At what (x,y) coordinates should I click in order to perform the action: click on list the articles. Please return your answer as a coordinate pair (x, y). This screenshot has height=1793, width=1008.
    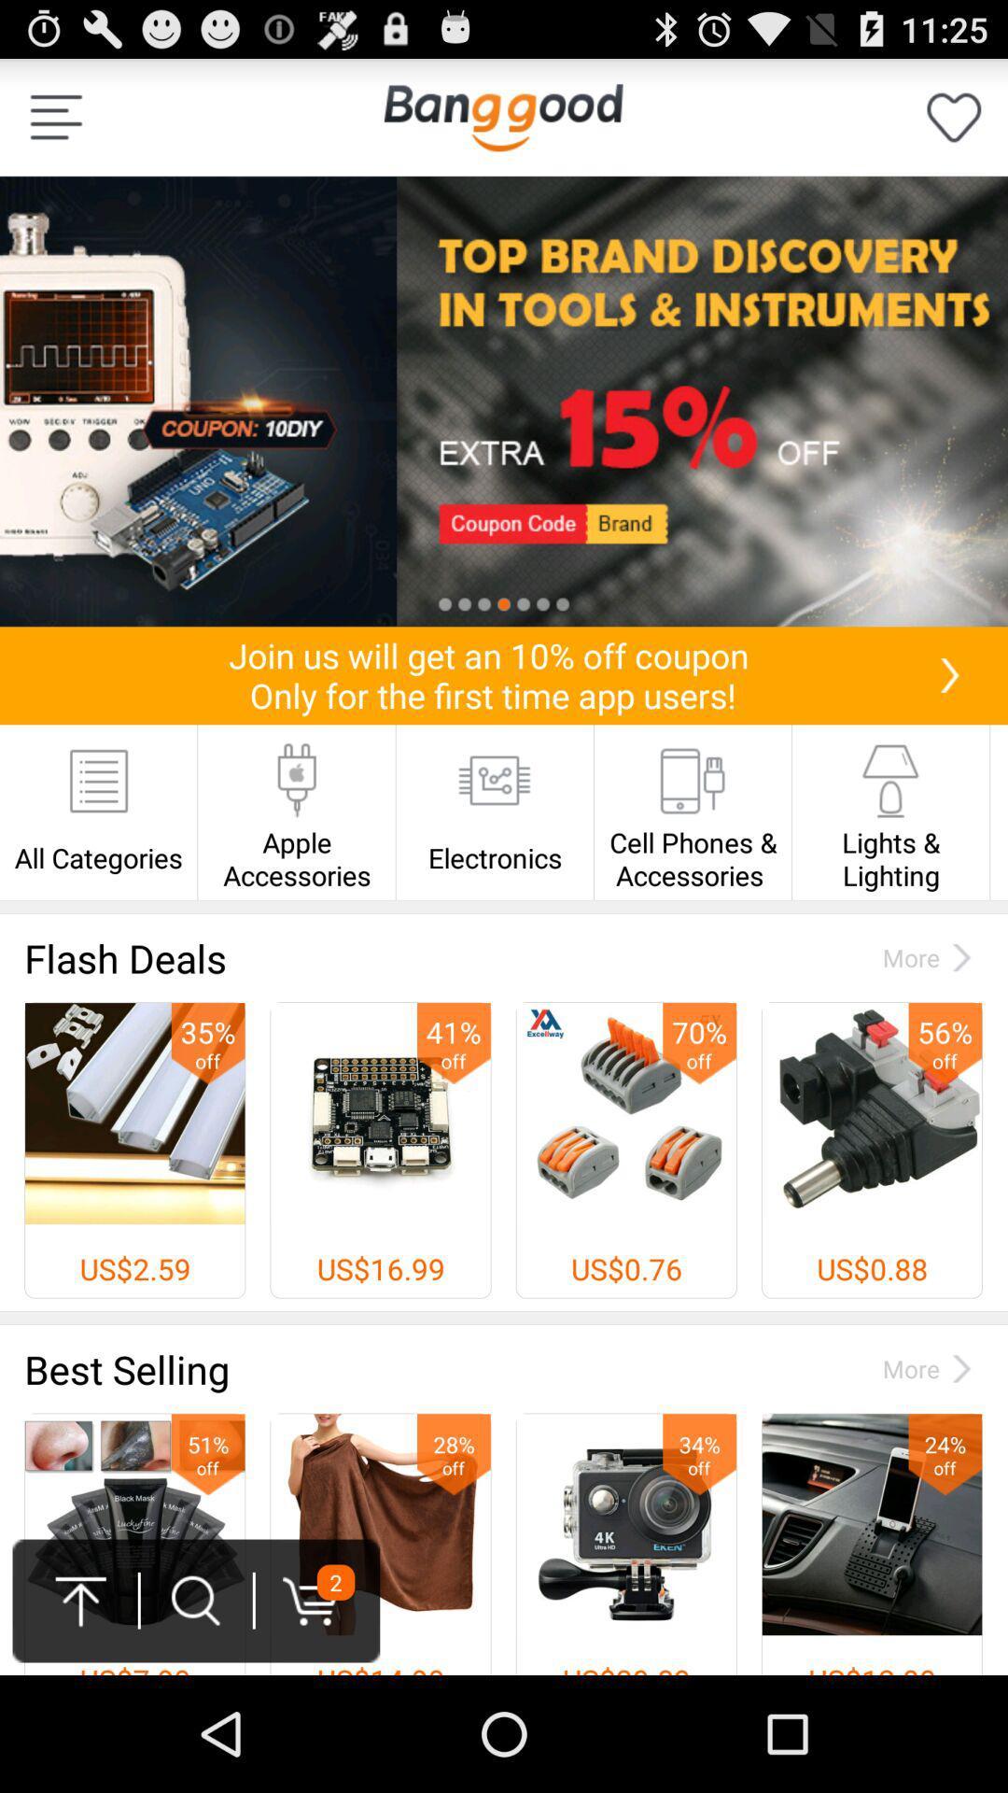
    Looking at the image, I should click on (55, 116).